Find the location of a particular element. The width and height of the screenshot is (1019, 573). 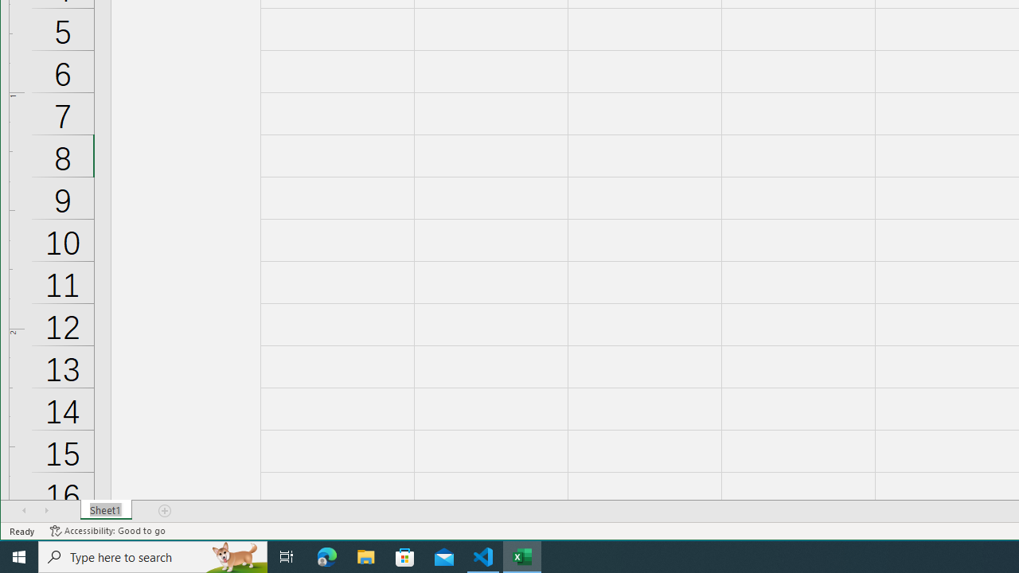

'Microsoft Edge' is located at coordinates (326, 555).